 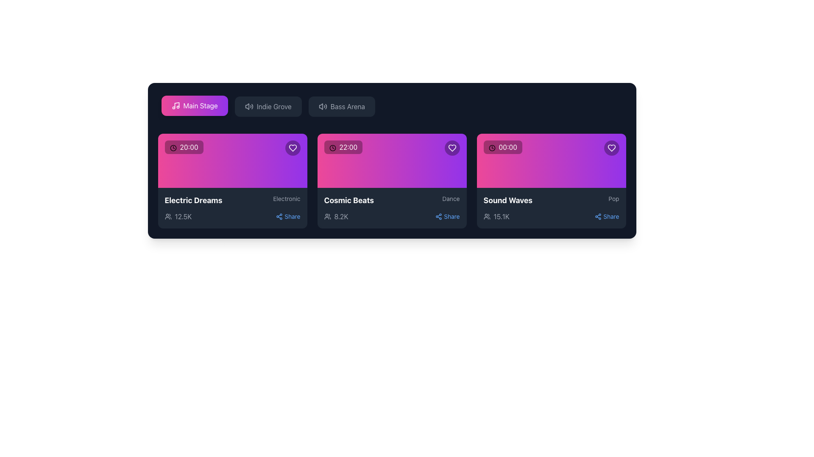 What do you see at coordinates (496, 216) in the screenshot?
I see `information presented in the gray icon resembling two user silhouettes and the numeric text '15.1K', located under the 'Sound Waves' card, to the left of the 'Share' link` at bounding box center [496, 216].